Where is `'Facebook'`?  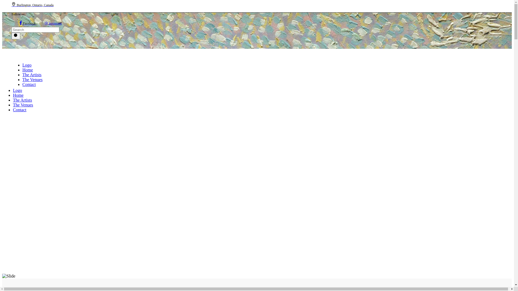
'Facebook' is located at coordinates (19, 23).